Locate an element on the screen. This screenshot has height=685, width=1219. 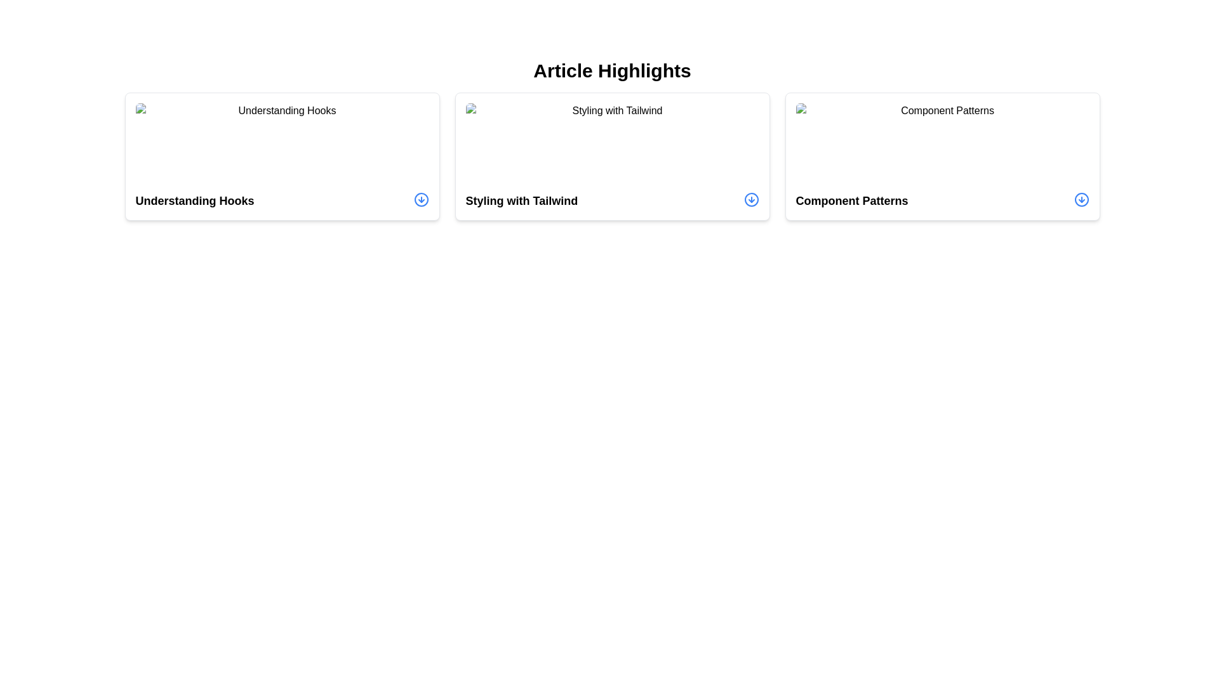
the Text Label that serves as the title for the card under 'Article Highlights', which is displayed in bold and larger font is located at coordinates (194, 200).